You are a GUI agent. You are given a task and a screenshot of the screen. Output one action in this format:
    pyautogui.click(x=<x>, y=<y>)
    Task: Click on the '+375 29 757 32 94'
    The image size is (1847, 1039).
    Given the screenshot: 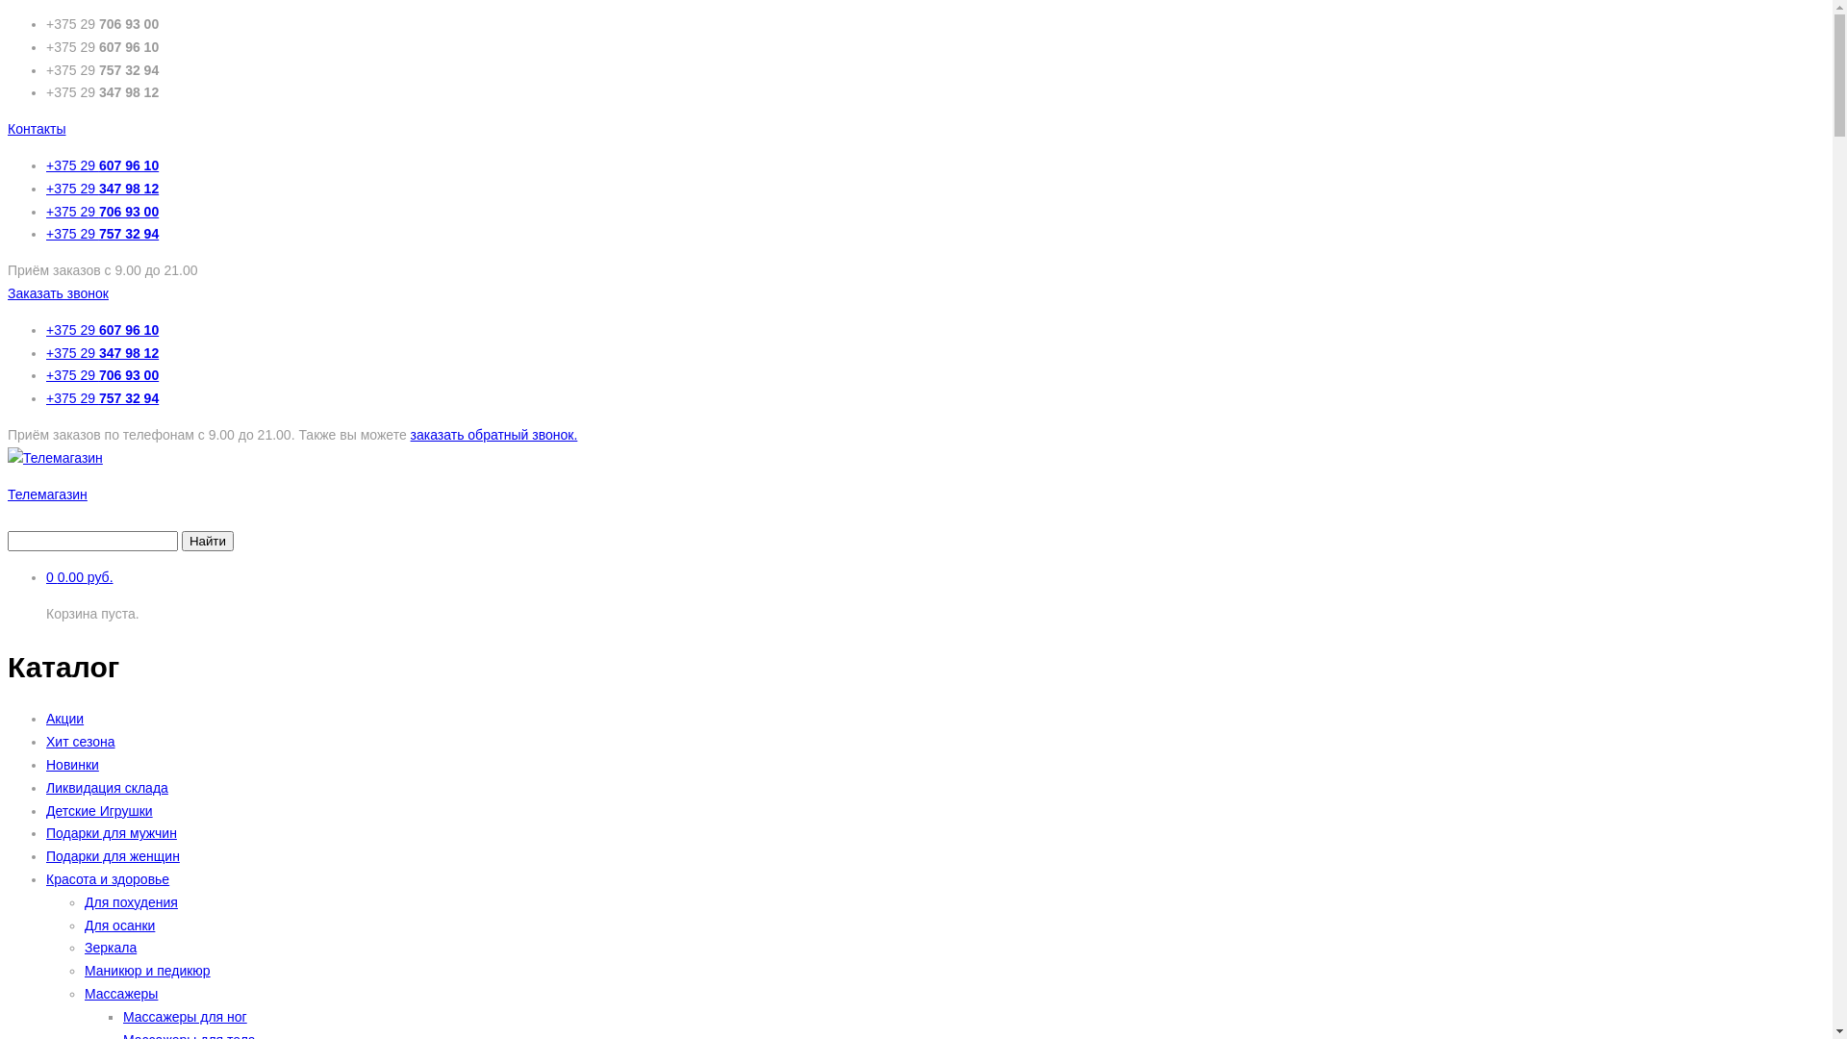 What is the action you would take?
    pyautogui.click(x=101, y=396)
    